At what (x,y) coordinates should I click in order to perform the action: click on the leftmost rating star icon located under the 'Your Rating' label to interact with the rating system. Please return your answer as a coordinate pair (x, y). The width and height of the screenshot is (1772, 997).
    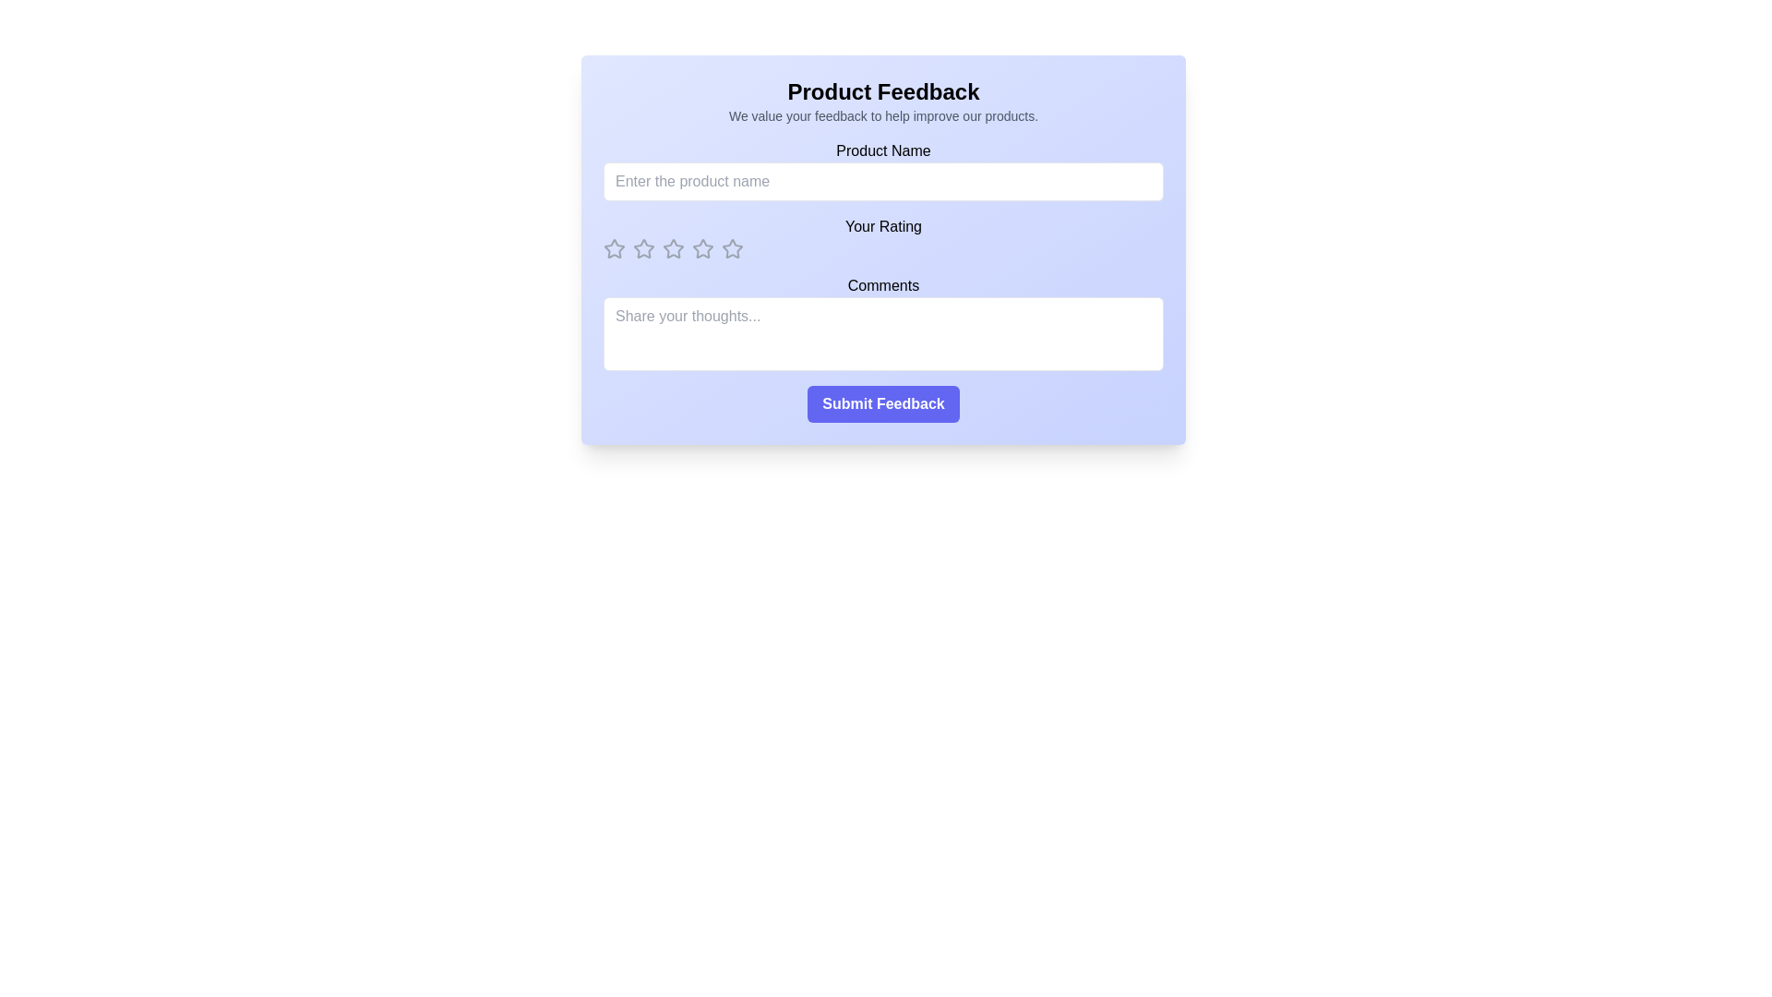
    Looking at the image, I should click on (615, 247).